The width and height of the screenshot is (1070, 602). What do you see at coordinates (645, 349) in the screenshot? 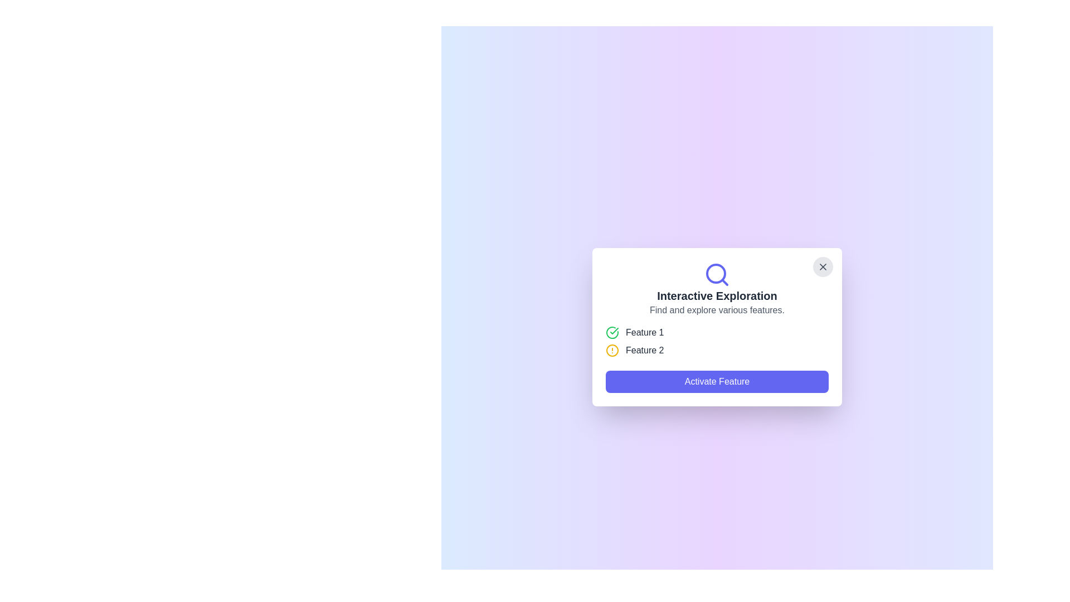
I see `the text label that reads 'Feature 2', which is styled with a gray font color and is located under a heading in a pop-up dialog box, positioned to the right of a yellow alert icon` at bounding box center [645, 349].